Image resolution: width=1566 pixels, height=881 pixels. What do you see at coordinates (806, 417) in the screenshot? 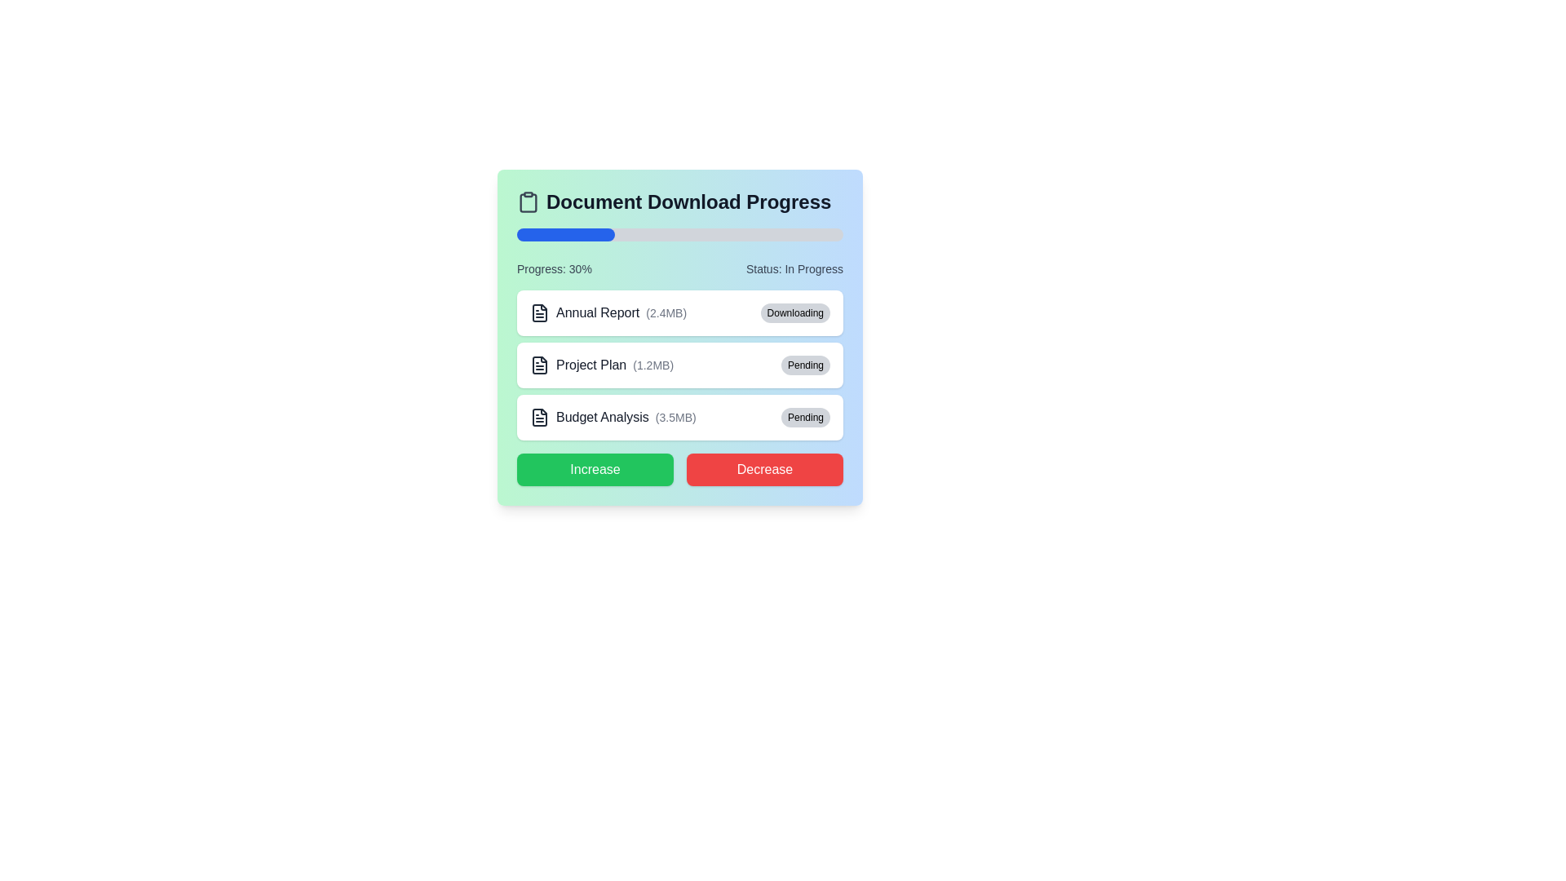
I see `the 'Pending' badge with rounded corners and gray background, positioned to the right of 'Budget Analysis (3.5MB)'` at bounding box center [806, 417].